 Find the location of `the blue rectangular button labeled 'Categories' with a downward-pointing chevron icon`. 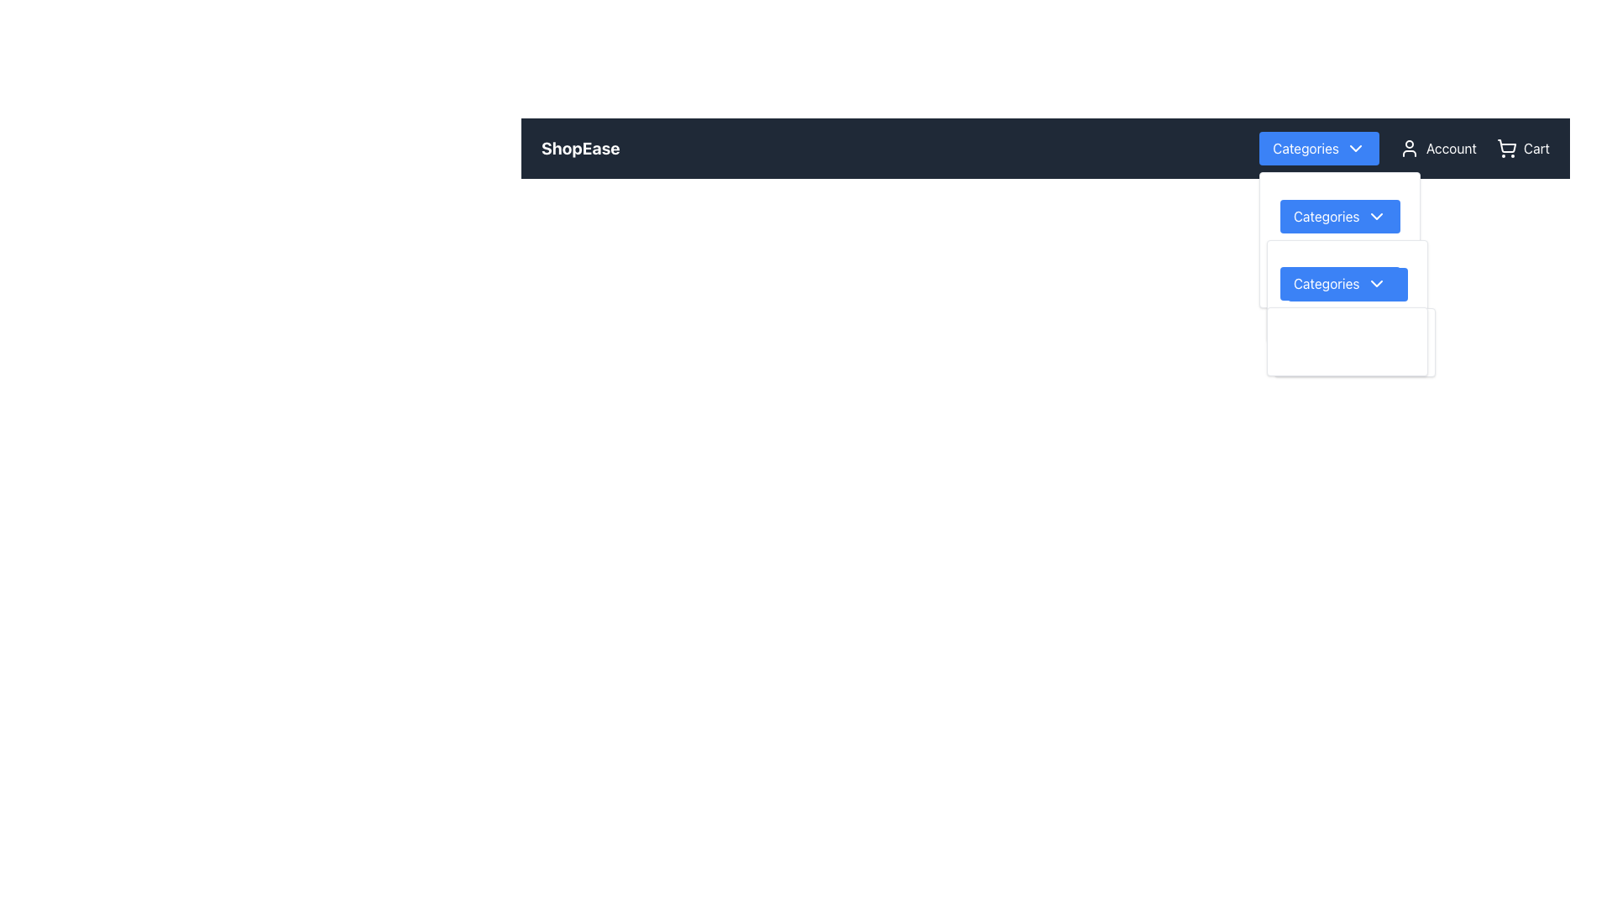

the blue rectangular button labeled 'Categories' with a downward-pointing chevron icon is located at coordinates (1318, 148).